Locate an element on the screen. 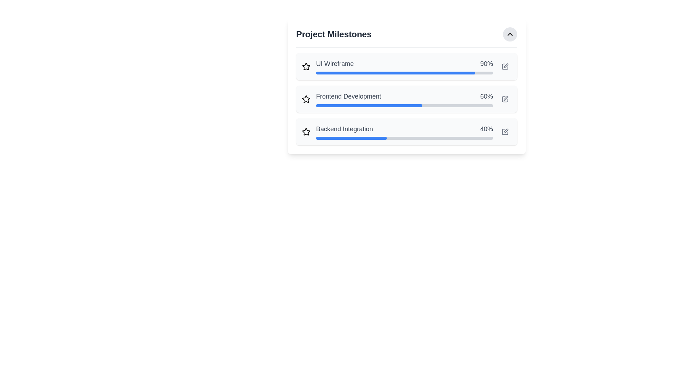  the static text label that identifies the milestone related to 'Frontend Development', which is positioned to the left of the number '60%' is located at coordinates (348, 96).